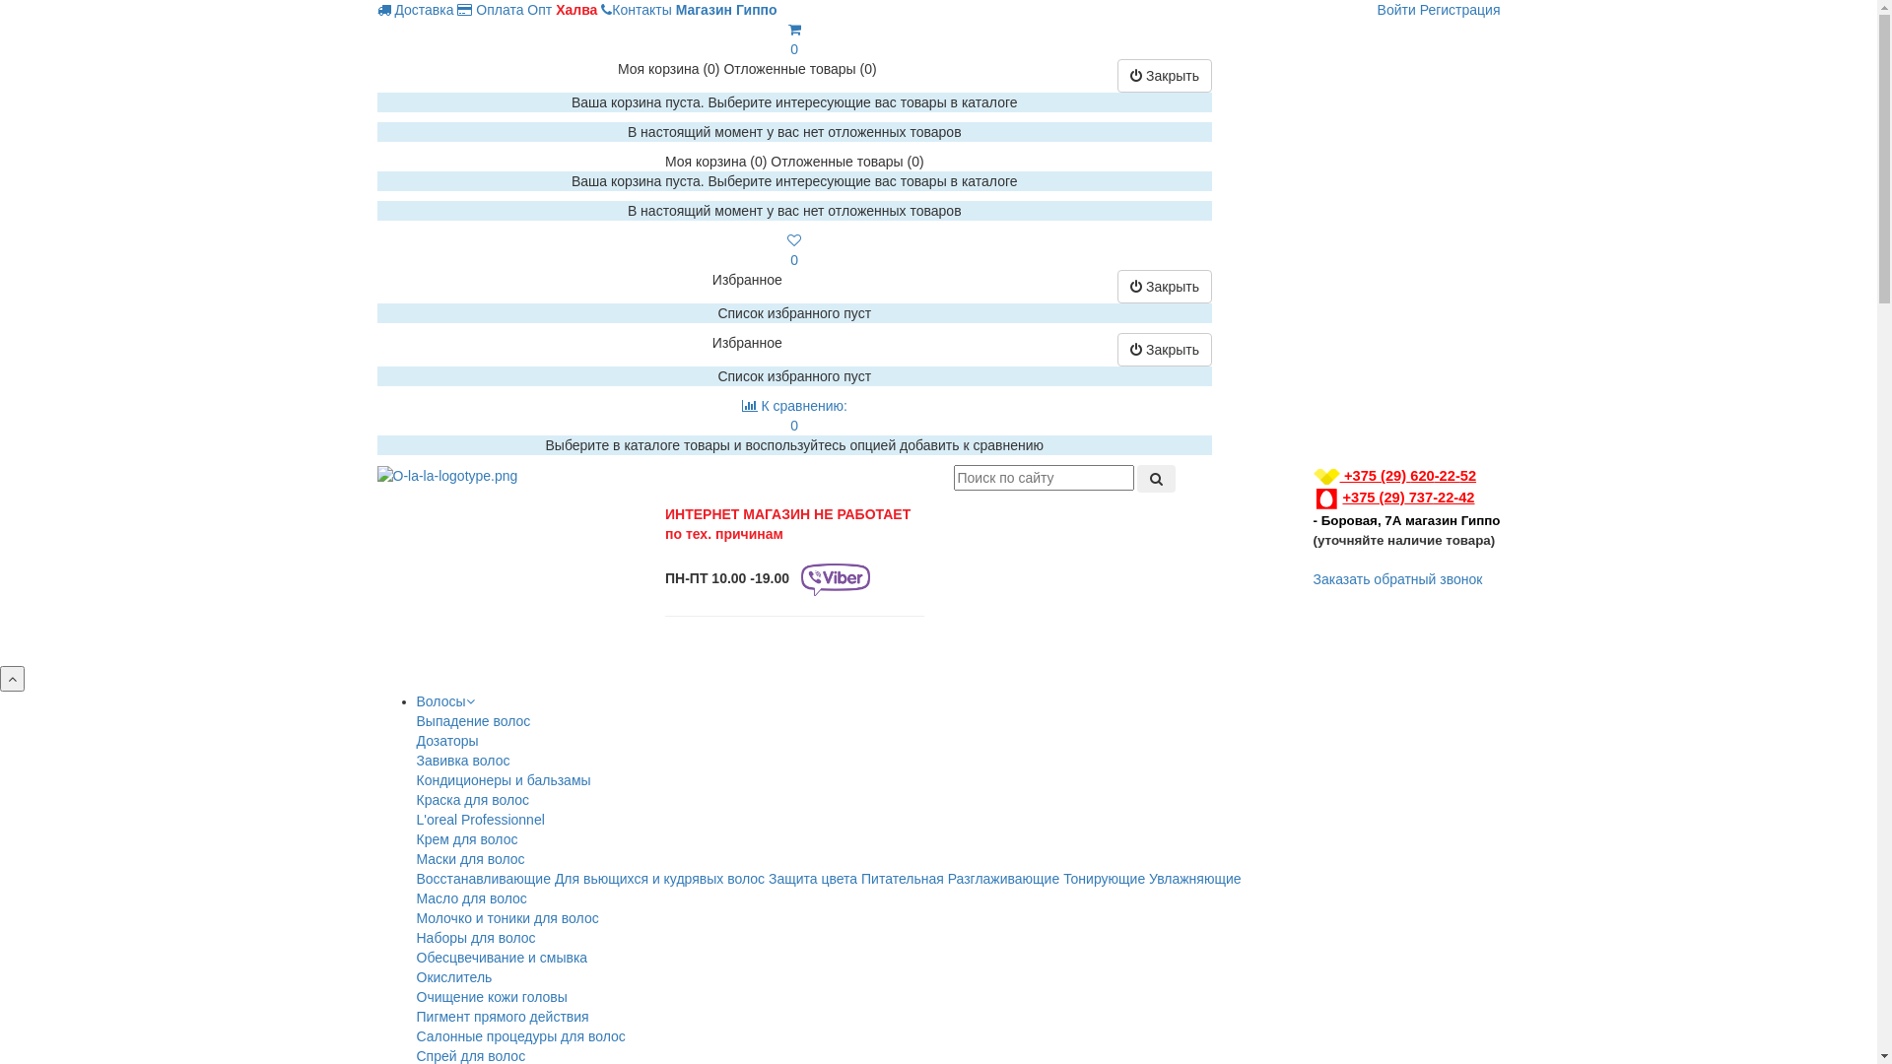 This screenshot has width=1892, height=1064. Describe the element at coordinates (836, 578) in the screenshot. I see `'viber.png'` at that location.